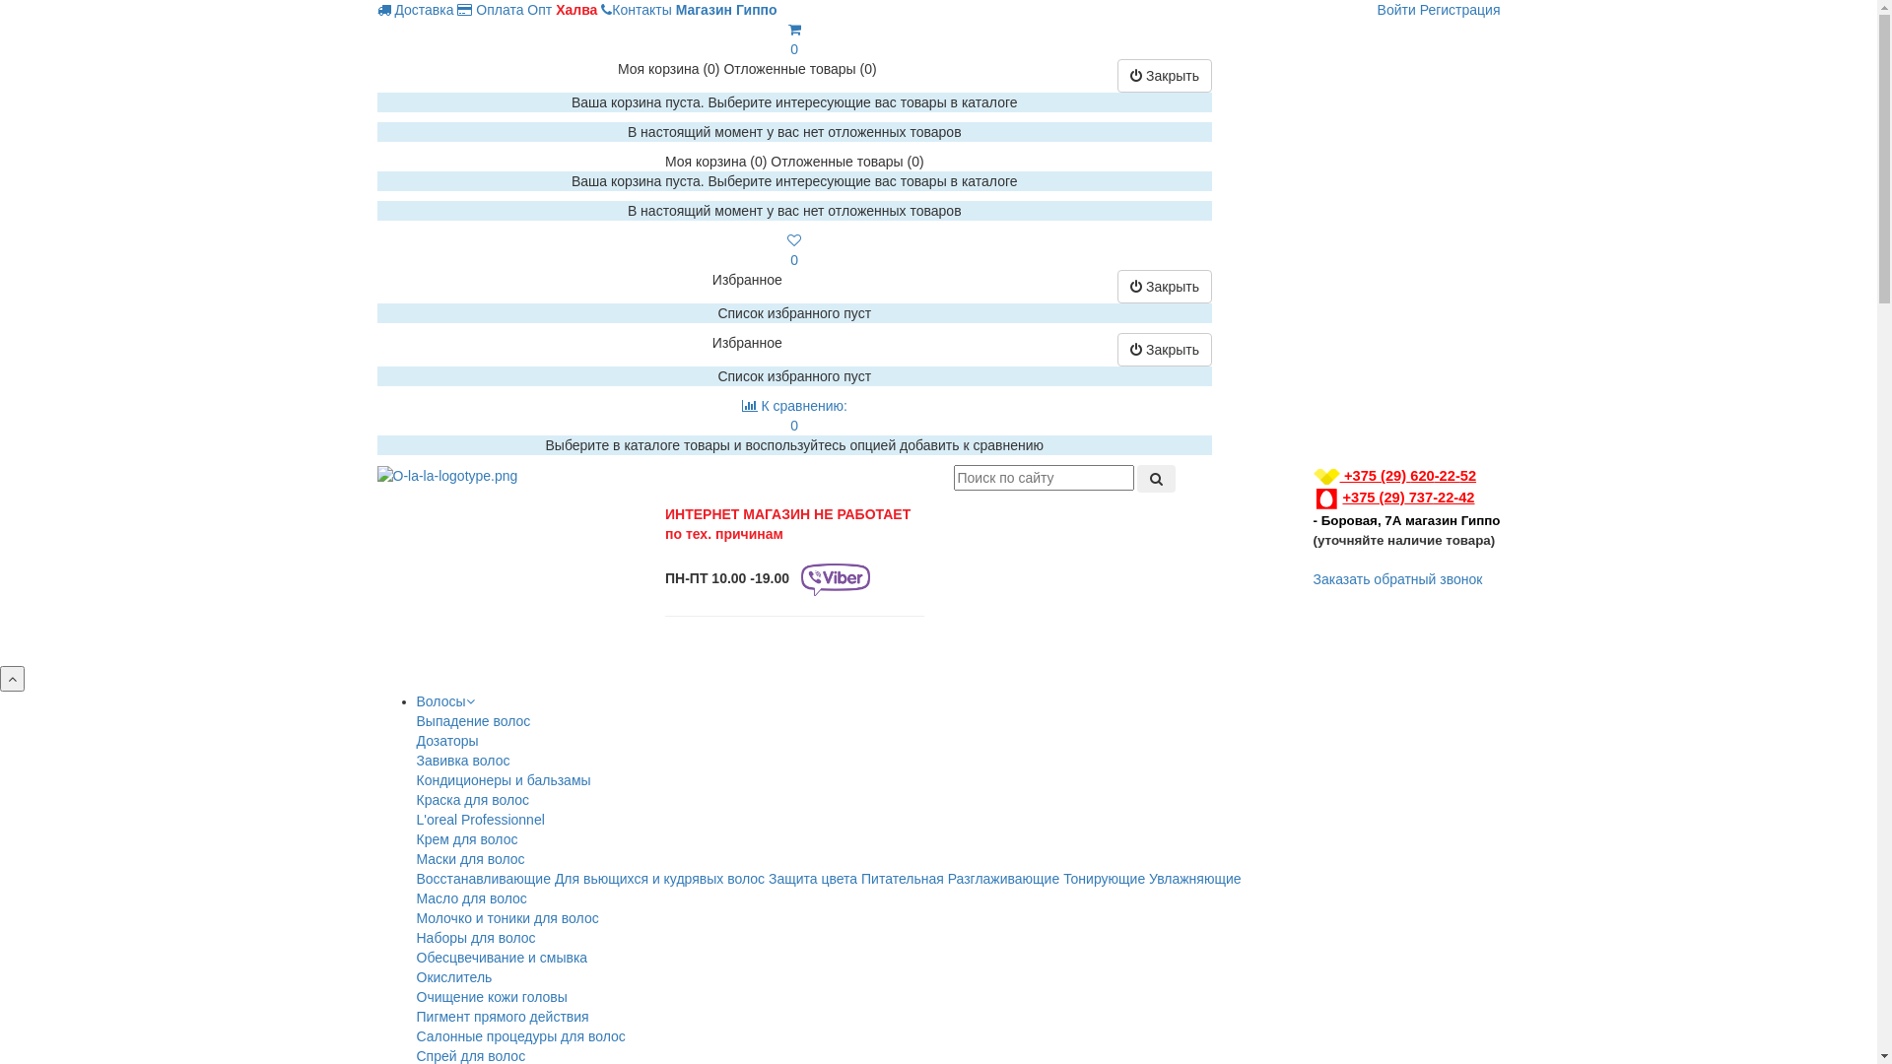 This screenshot has width=1892, height=1064. Describe the element at coordinates (836, 578) in the screenshot. I see `'viber.png'` at that location.